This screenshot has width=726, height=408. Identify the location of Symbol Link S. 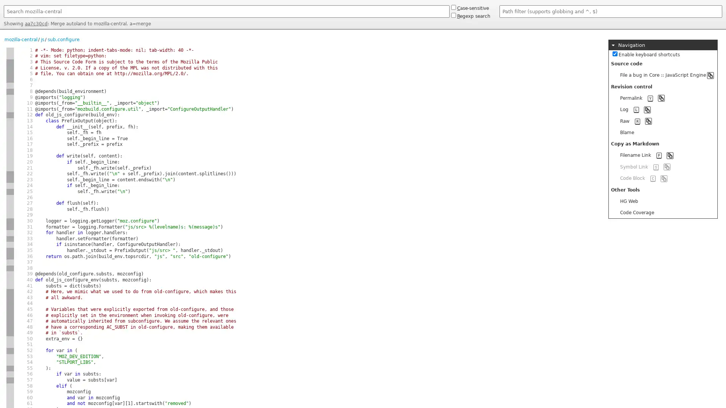
(662, 166).